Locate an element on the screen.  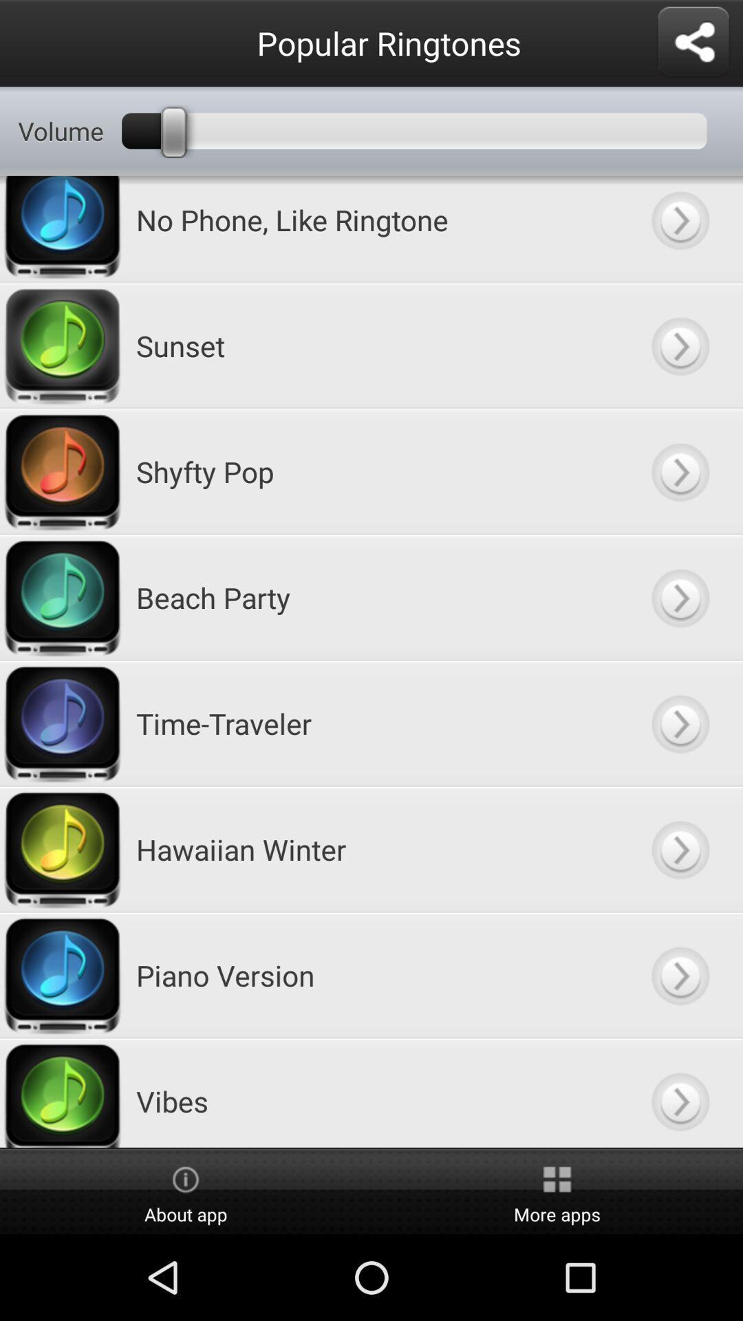
hawaiian winter option is located at coordinates (679, 848).